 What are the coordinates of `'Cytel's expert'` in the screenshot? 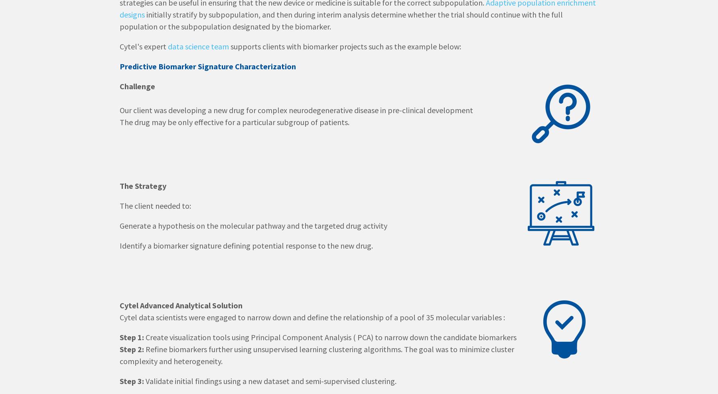 It's located at (144, 46).